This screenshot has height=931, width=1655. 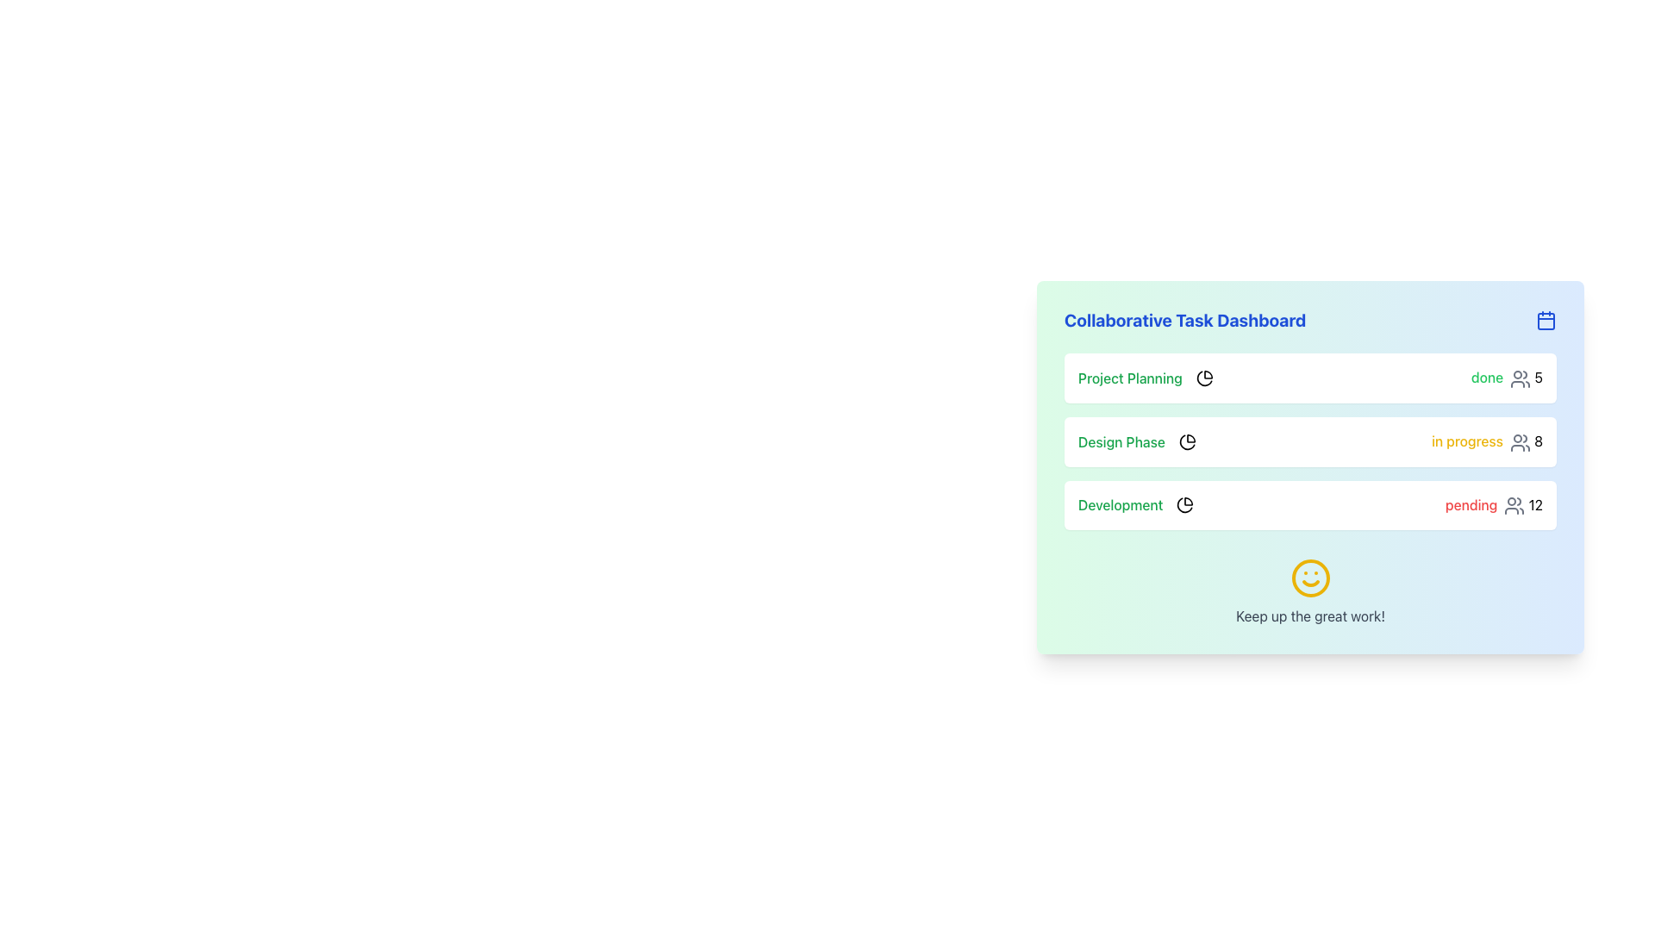 I want to click on or interpret the completion status from the Label located at the right end of the 'Project Planning' row in the dashboard, so click(x=1486, y=377).